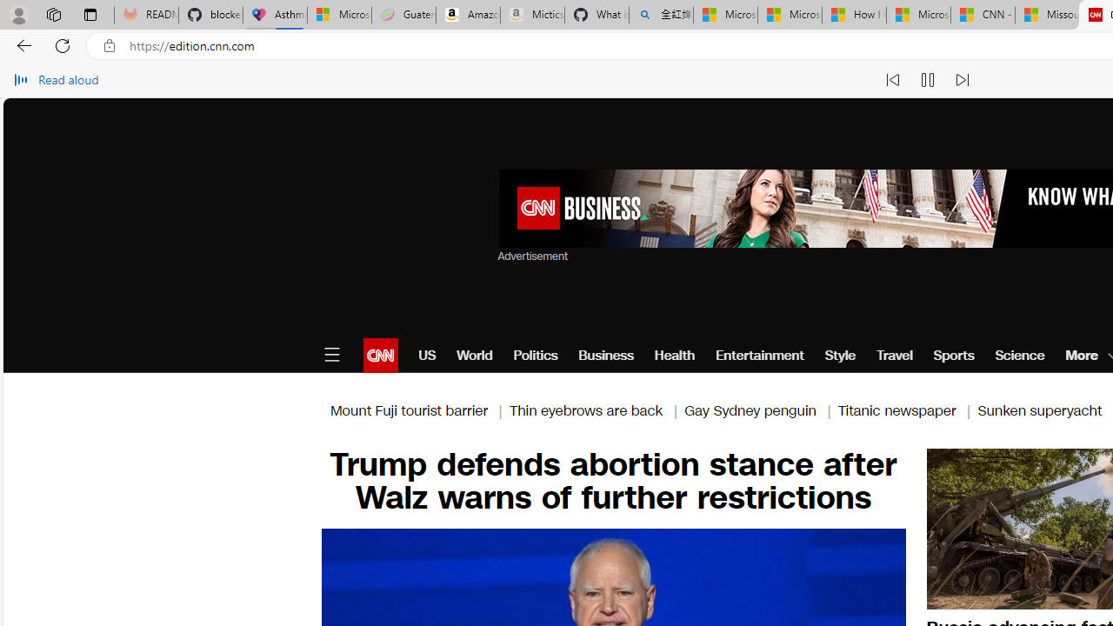 This screenshot has height=626, width=1113. I want to click on 'Pause read aloud (Ctrl+Shift+U)', so click(926, 80).